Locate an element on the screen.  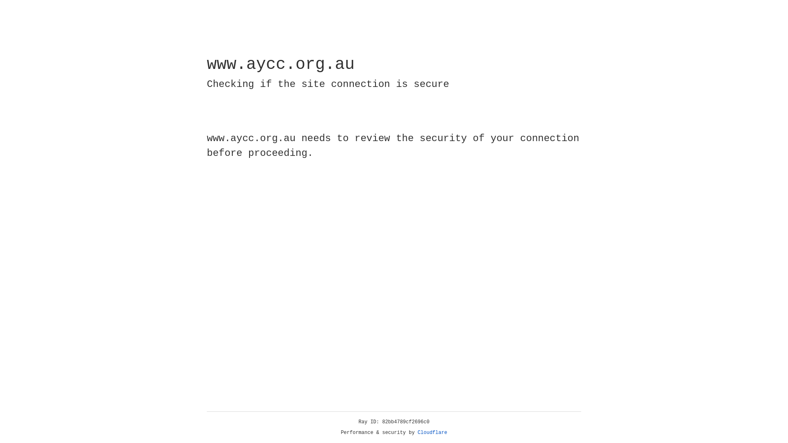
'Cloudflare' is located at coordinates (432, 432).